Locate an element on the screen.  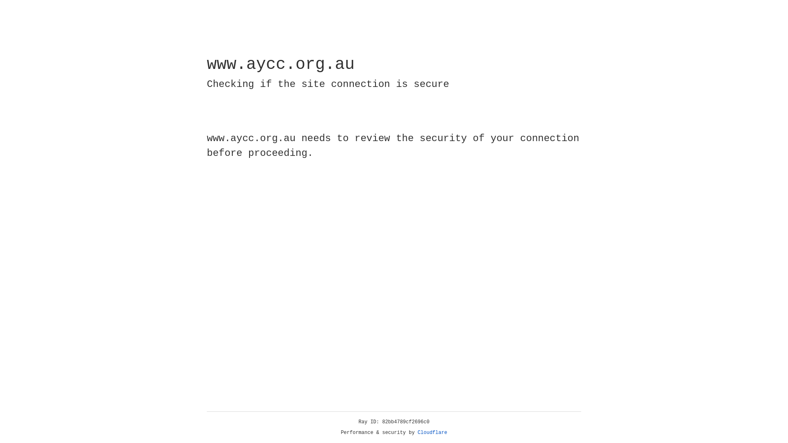
'Cloudflare' is located at coordinates (432, 432).